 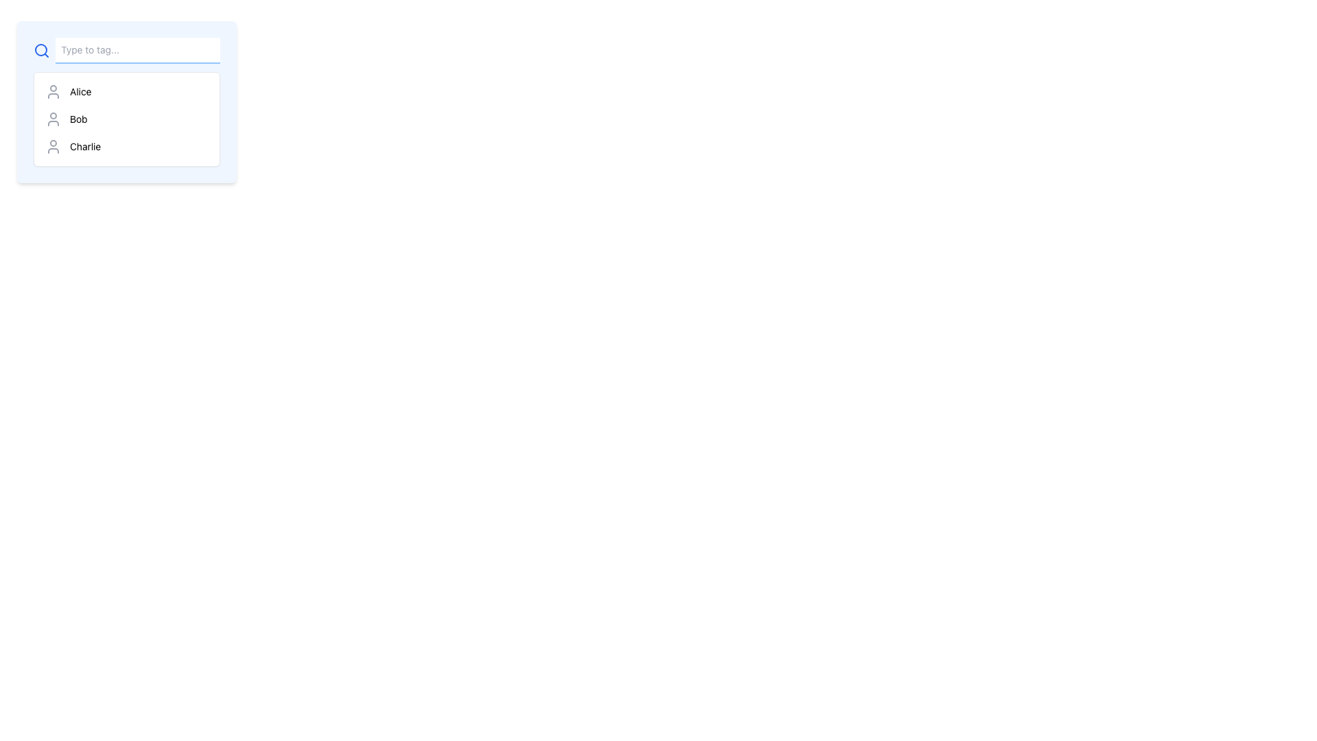 What do you see at coordinates (53, 118) in the screenshot?
I see `the user icon representing 'Bob' in the second item of the vertical list located to the right of the search bar` at bounding box center [53, 118].